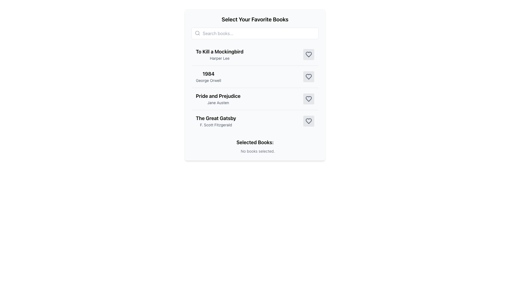 The height and width of the screenshot is (296, 526). What do you see at coordinates (197, 33) in the screenshot?
I see `the search icon located inside the search bar to the left of the text entry area with the placeholder 'Search books...'` at bounding box center [197, 33].